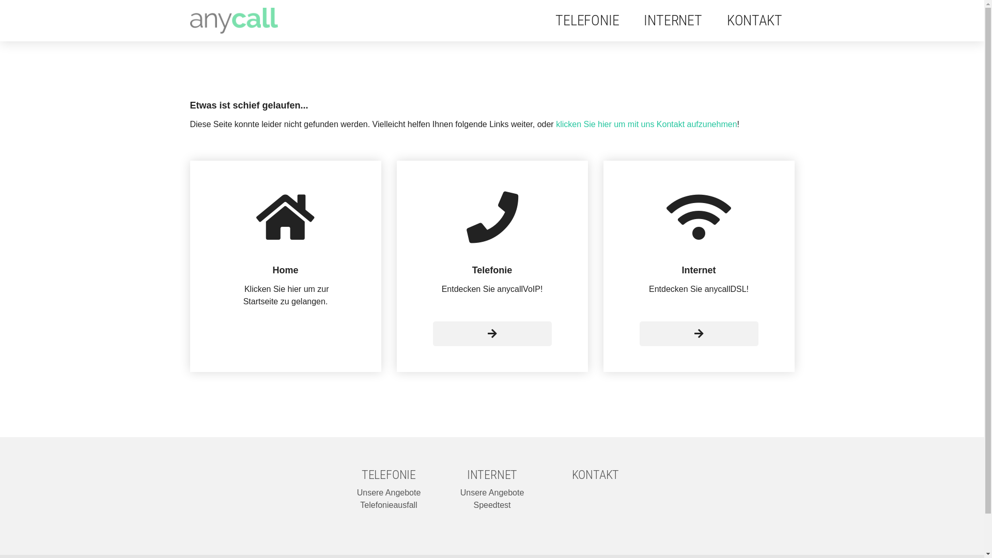  Describe the element at coordinates (388, 474) in the screenshot. I see `'TELEFONIE'` at that location.